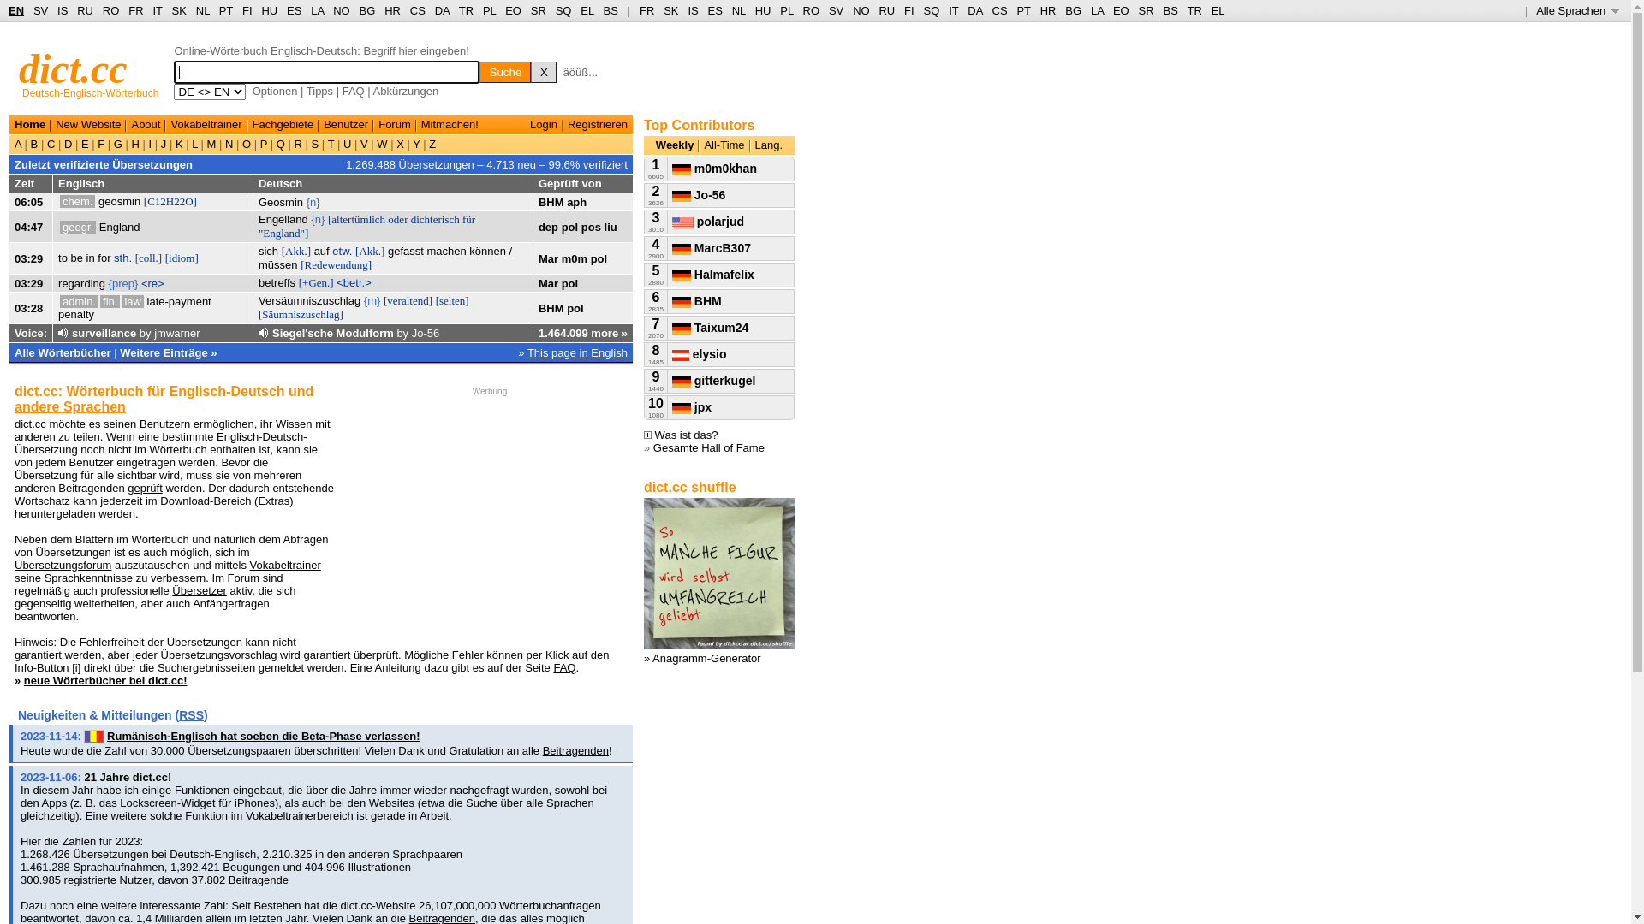  I want to click on 'O', so click(245, 143).